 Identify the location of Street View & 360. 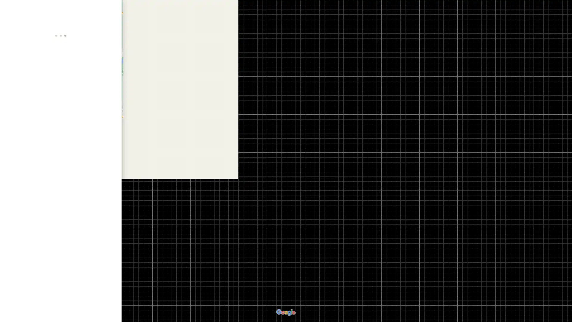
(60, 292).